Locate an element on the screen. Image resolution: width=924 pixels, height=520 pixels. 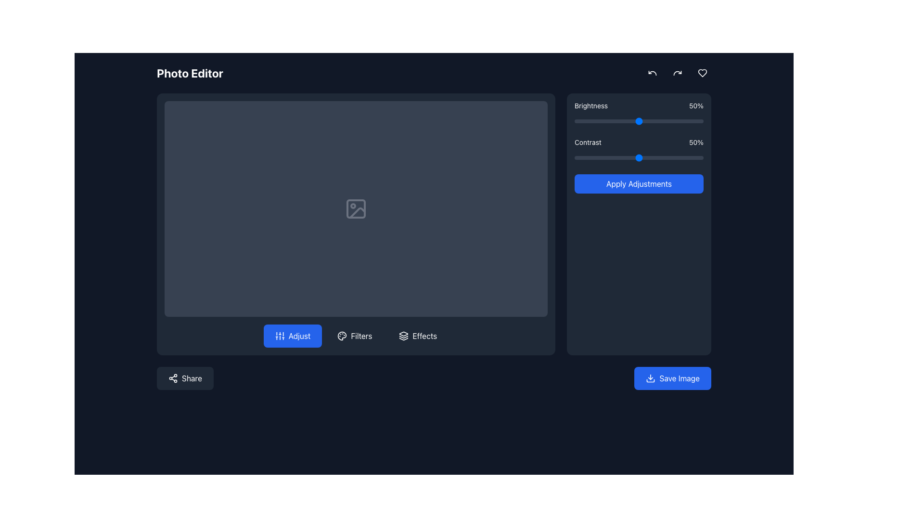
the Content placeholder, which is a rectangular area with a dark gray background and a rounded border, featuring a smaller picture icon in the center is located at coordinates (355, 208).